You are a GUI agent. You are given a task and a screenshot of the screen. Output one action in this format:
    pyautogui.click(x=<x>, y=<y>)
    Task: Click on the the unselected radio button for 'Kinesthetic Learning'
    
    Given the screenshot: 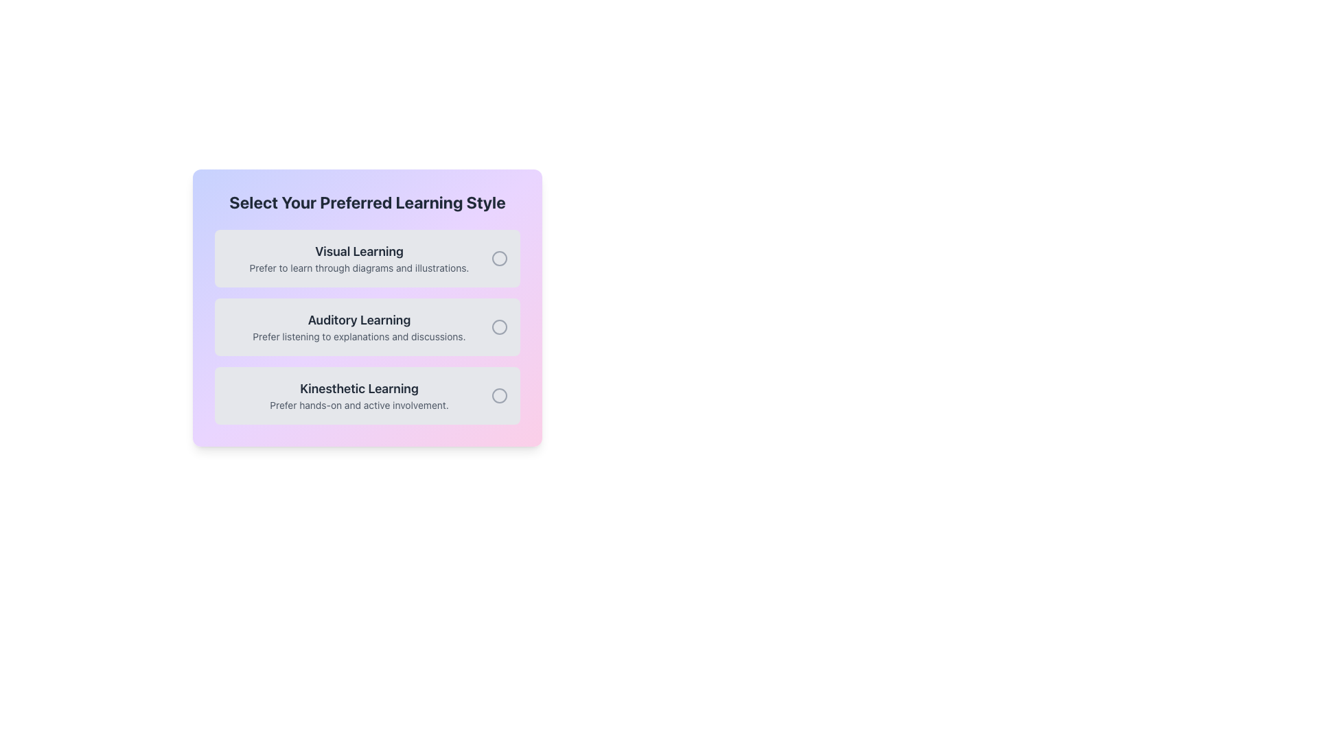 What is the action you would take?
    pyautogui.click(x=499, y=396)
    